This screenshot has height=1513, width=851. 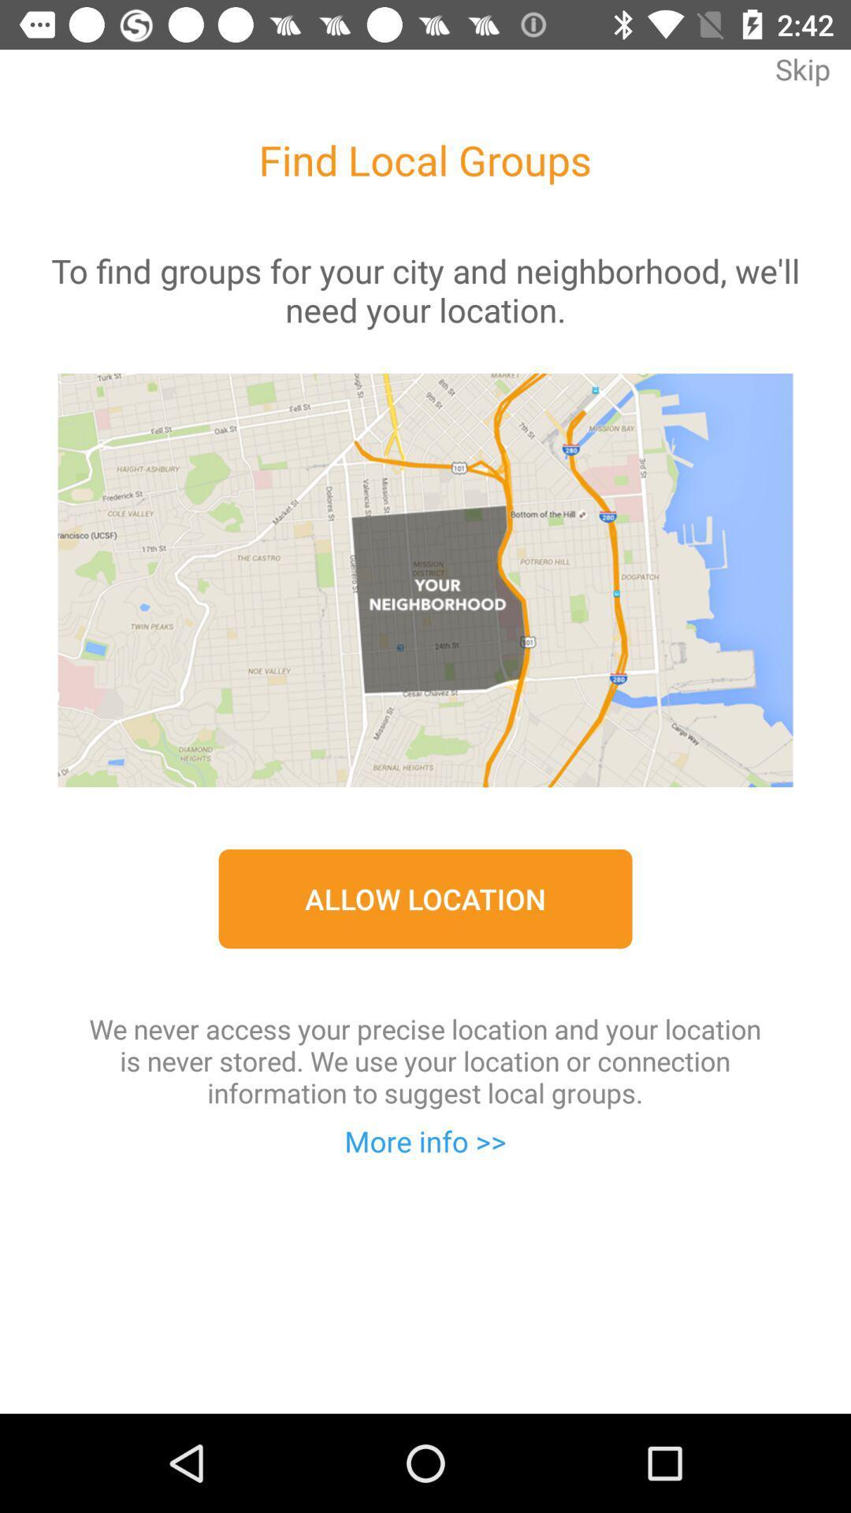 What do you see at coordinates (425, 898) in the screenshot?
I see `the allow location icon` at bounding box center [425, 898].